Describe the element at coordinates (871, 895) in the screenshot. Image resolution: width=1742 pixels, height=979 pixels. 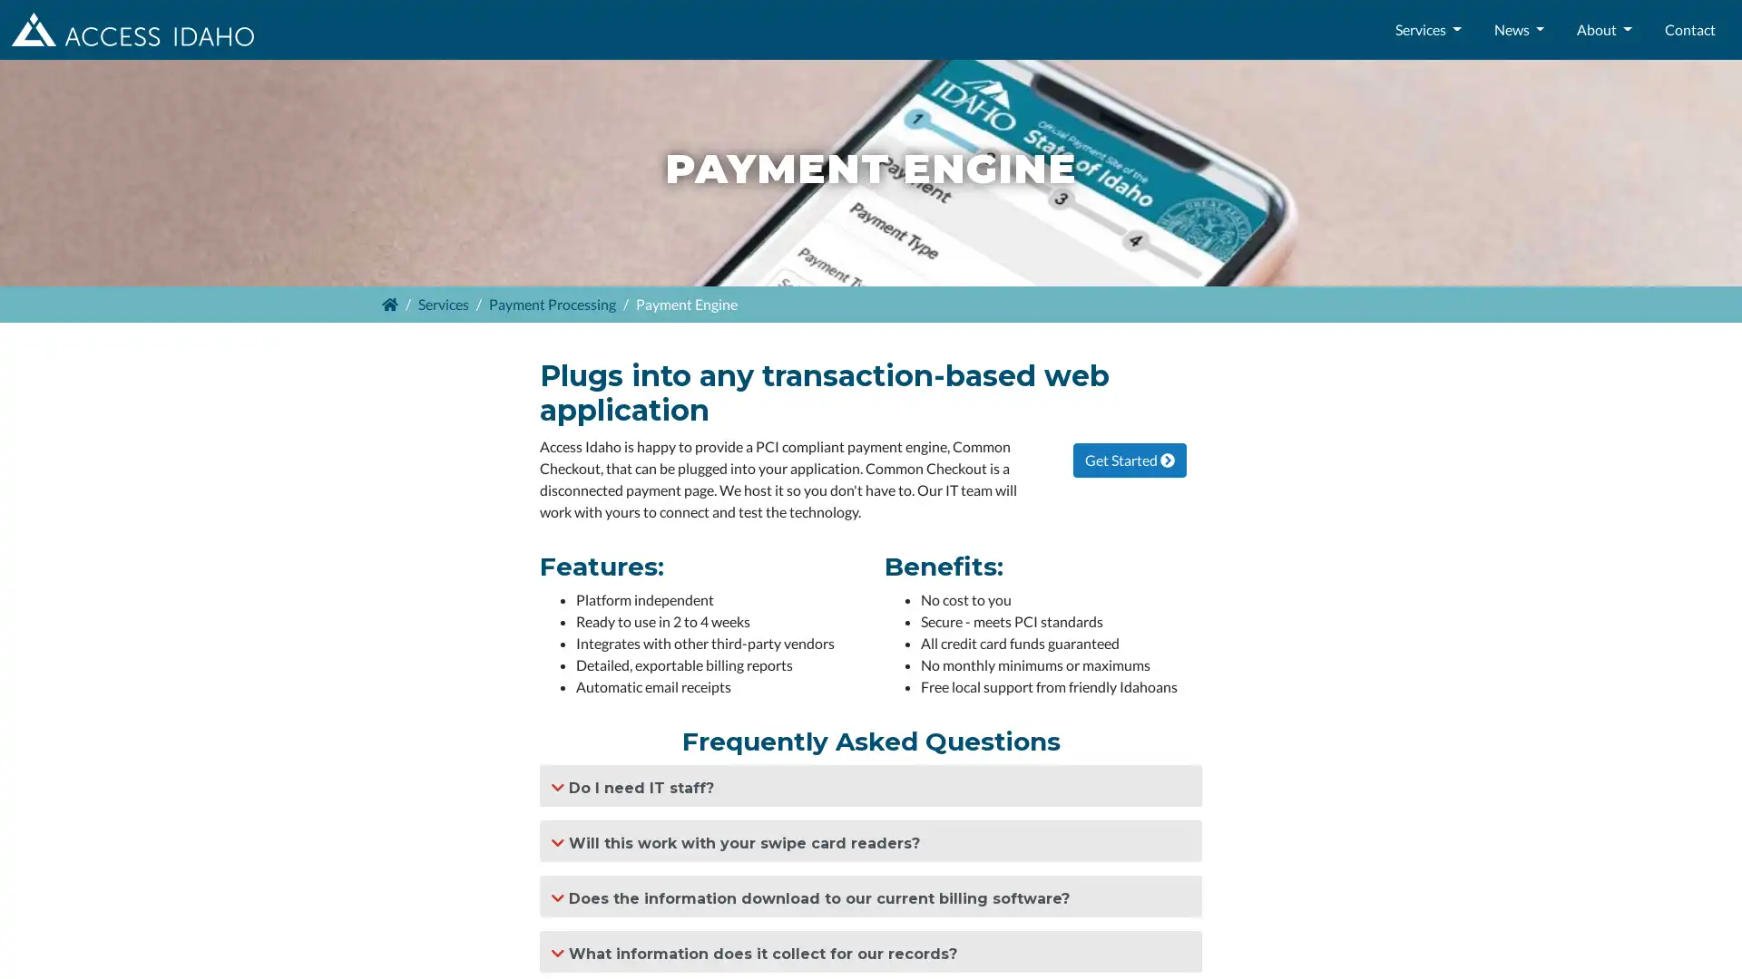
I see `Does the information download to our current billing software?` at that location.